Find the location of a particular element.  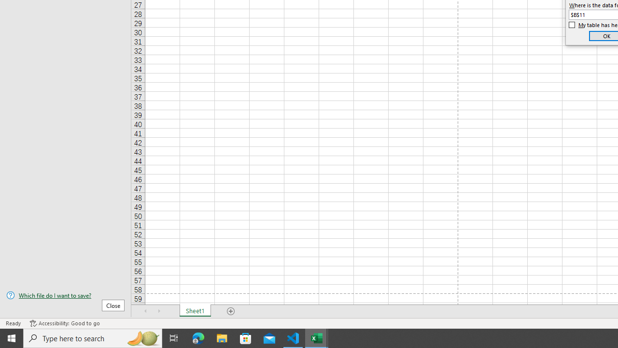

'Sheet1' is located at coordinates (195, 311).